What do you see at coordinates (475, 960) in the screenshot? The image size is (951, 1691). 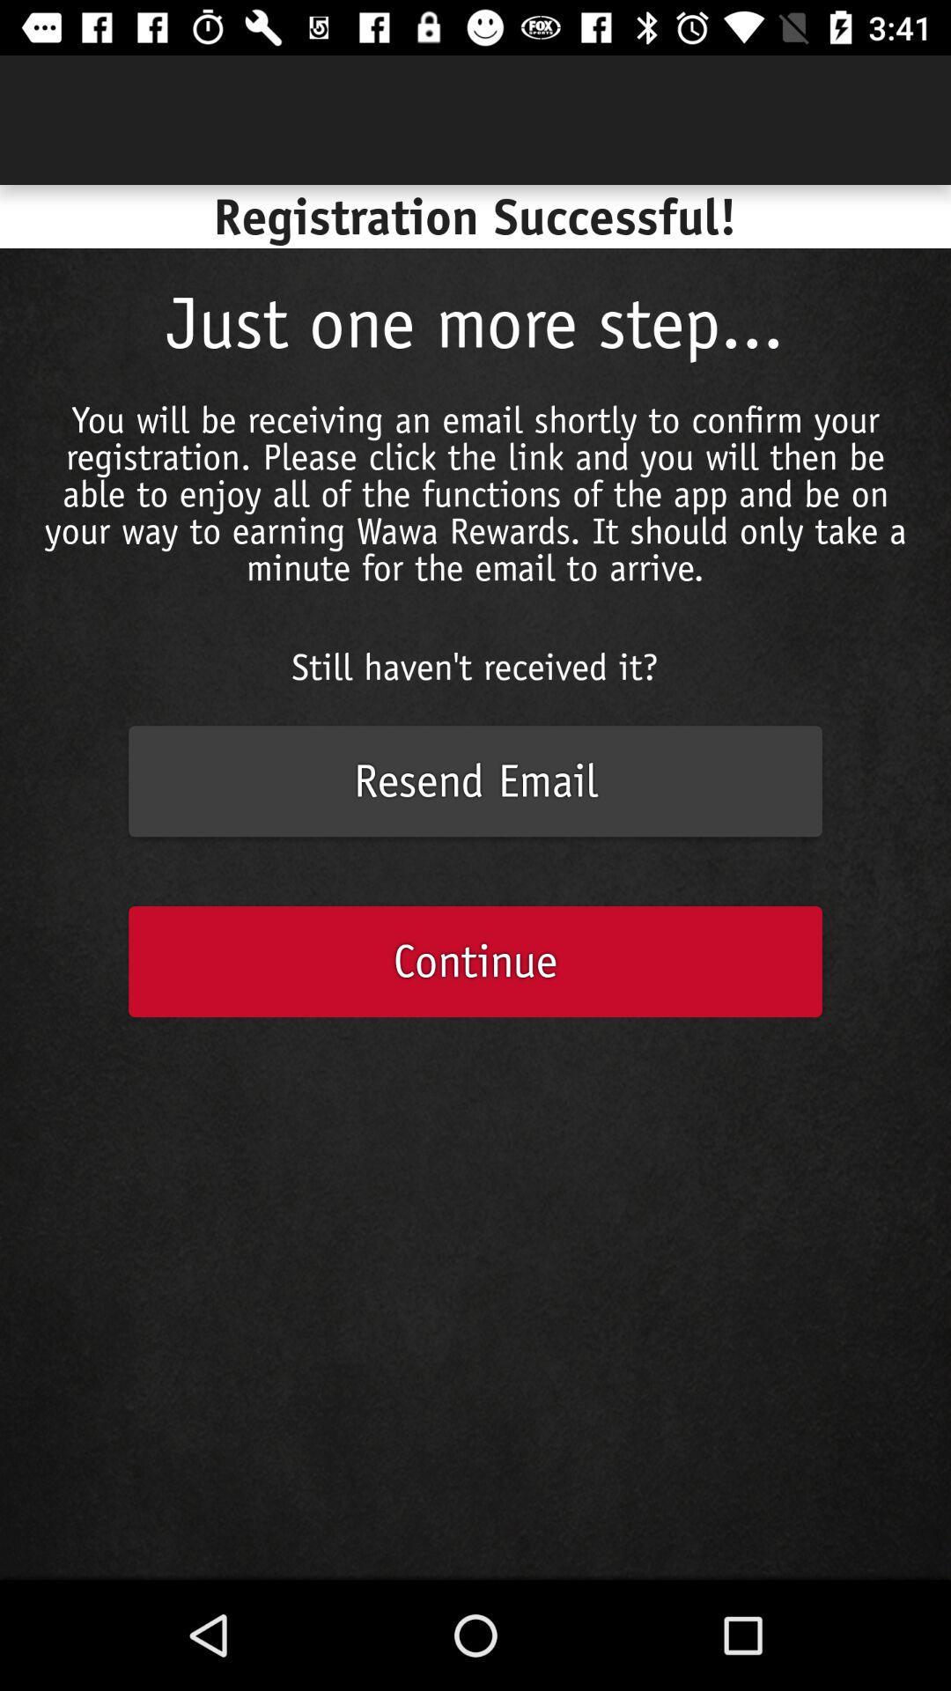 I see `continue icon` at bounding box center [475, 960].